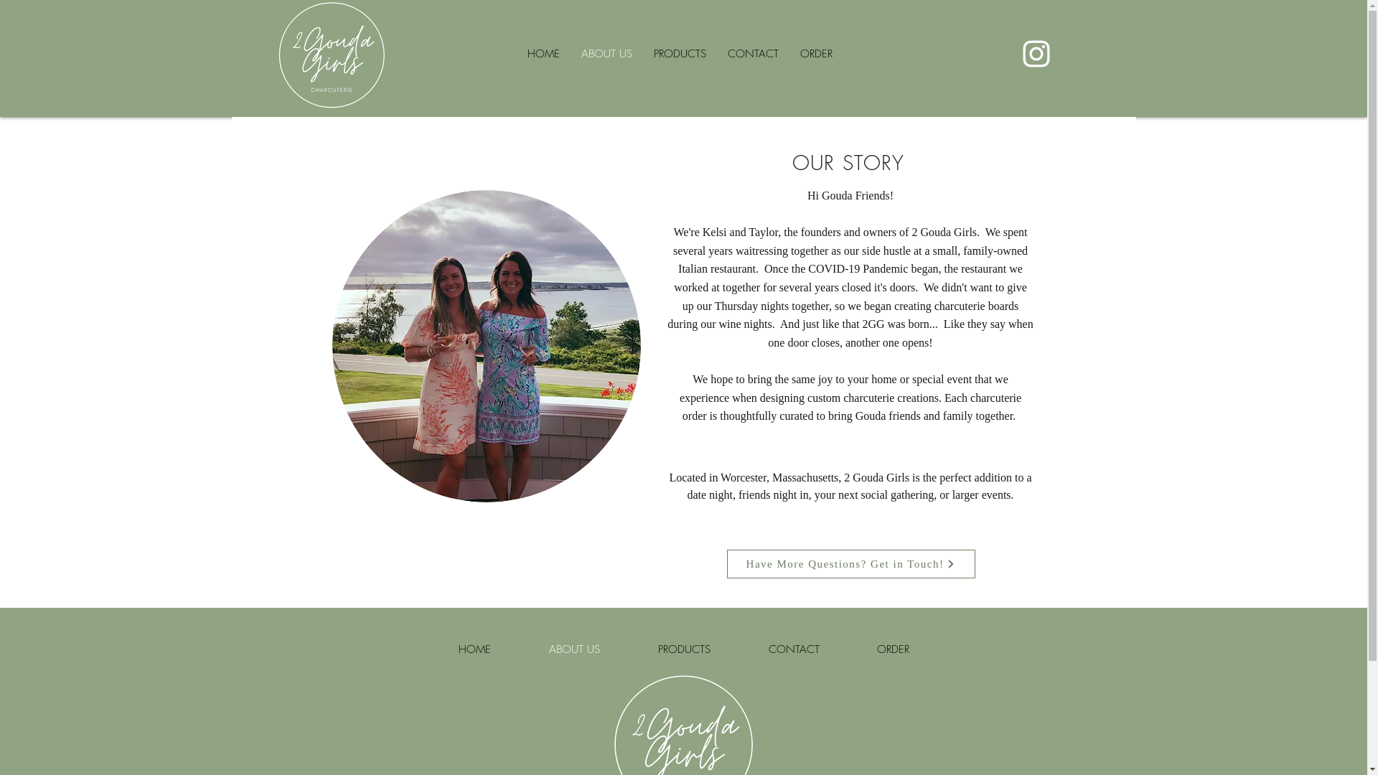 This screenshot has width=1378, height=775. I want to click on 'ORDER', so click(892, 649).